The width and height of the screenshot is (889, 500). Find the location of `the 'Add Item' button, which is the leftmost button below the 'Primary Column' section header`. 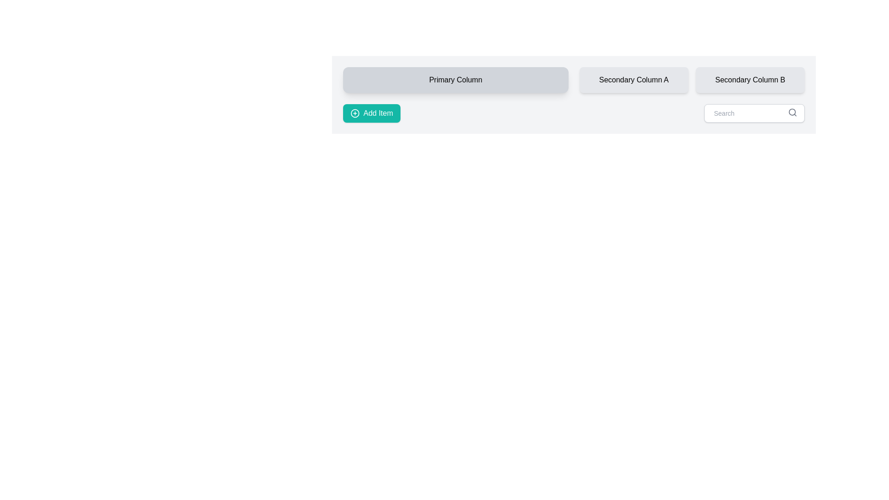

the 'Add Item' button, which is the leftmost button below the 'Primary Column' section header is located at coordinates (371, 113).